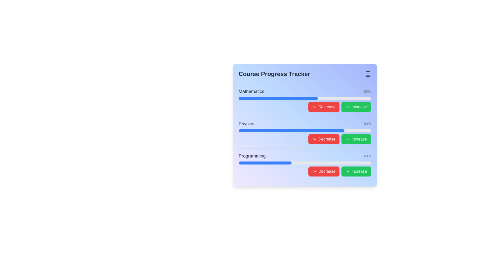  I want to click on the active chevron-down icon within the 'Decrease' button located to the right of the progress bar in the 'Programming' section, so click(314, 171).